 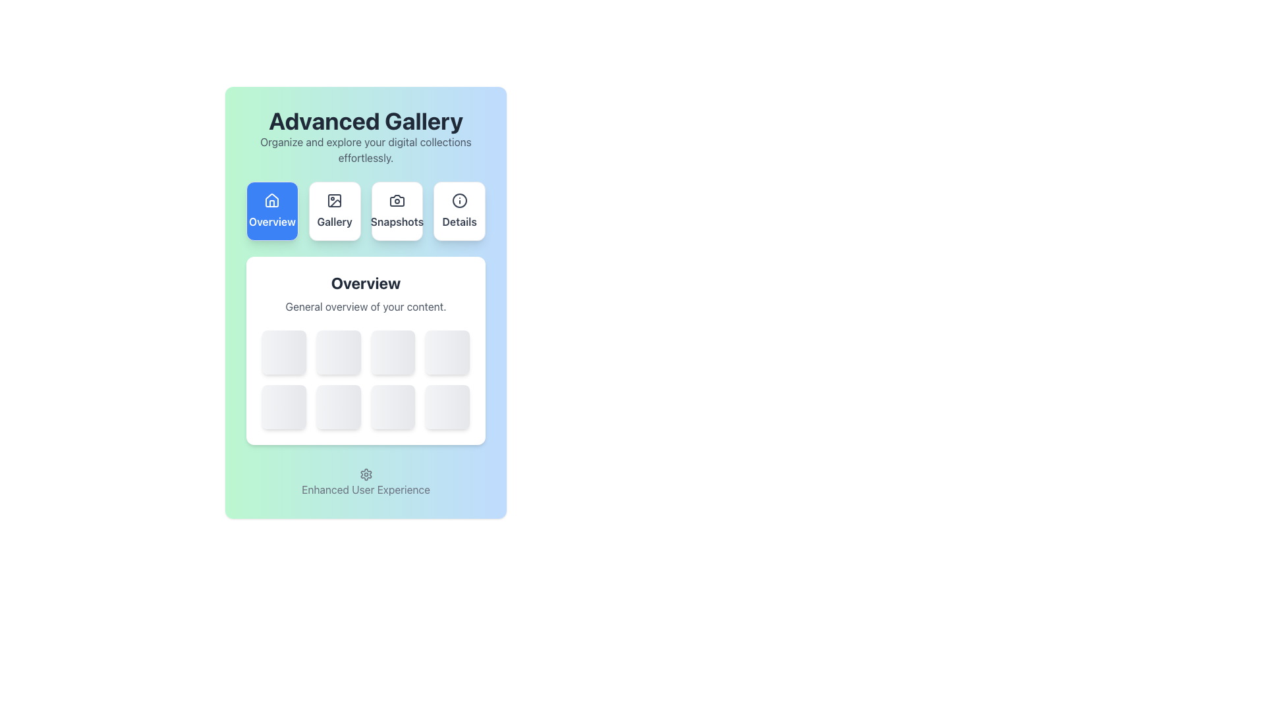 I want to click on the gear icon representing settings, located at the top-center above the text 'Enhanced User Experience', so click(x=366, y=475).